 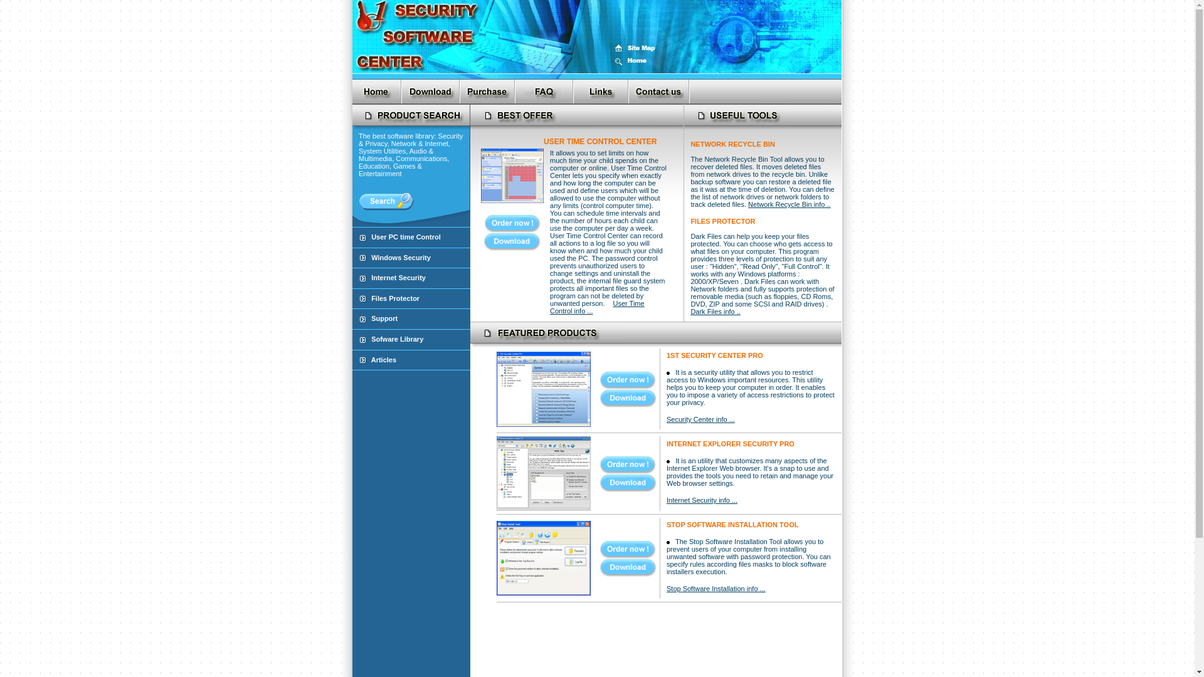 What do you see at coordinates (370, 237) in the screenshot?
I see `'User PC time Control'` at bounding box center [370, 237].